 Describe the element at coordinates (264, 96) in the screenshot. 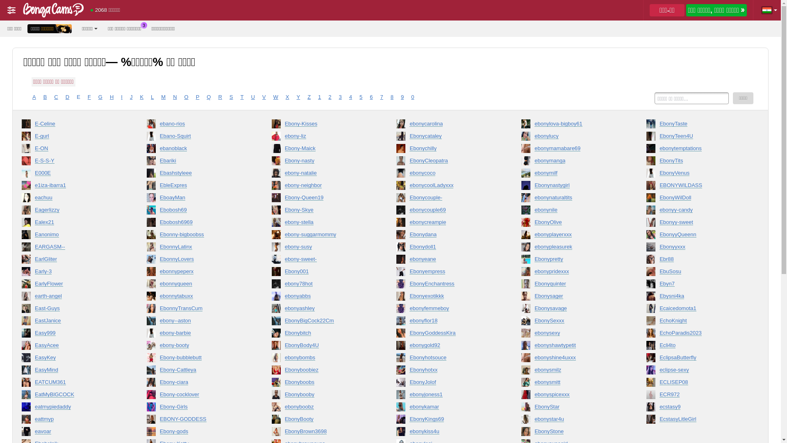

I see `'V'` at that location.